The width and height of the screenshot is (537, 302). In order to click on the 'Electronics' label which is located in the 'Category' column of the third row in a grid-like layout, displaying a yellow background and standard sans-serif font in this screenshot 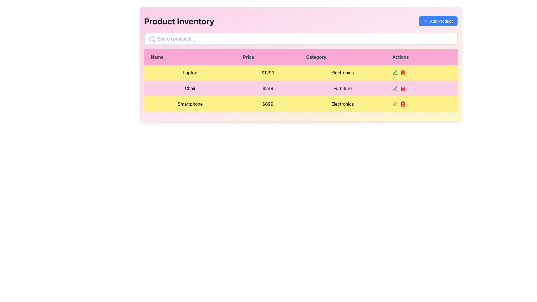, I will do `click(342, 104)`.